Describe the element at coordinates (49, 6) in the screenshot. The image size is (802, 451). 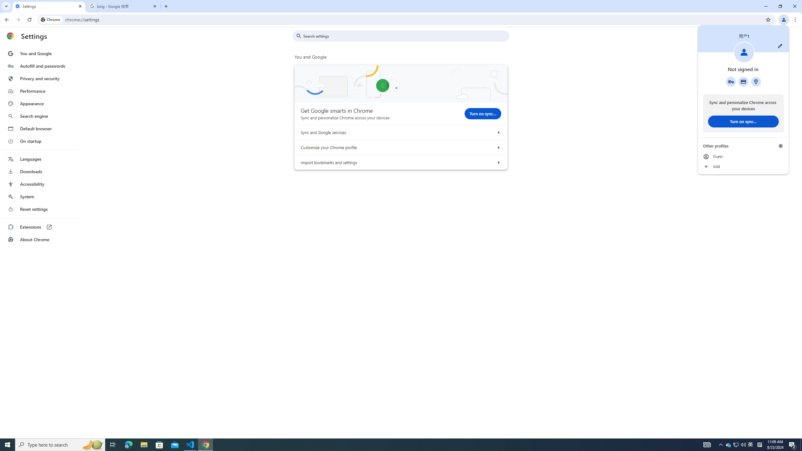
I see `'Settings'` at that location.